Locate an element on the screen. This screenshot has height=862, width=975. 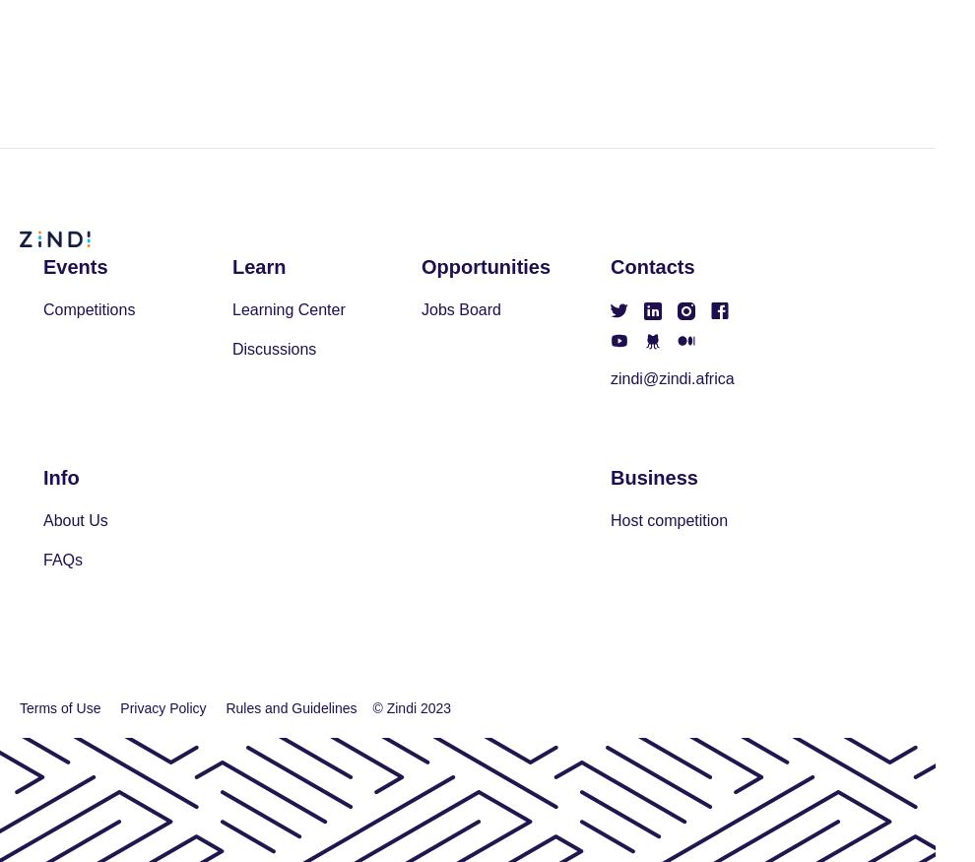
'Discussions' is located at coordinates (274, 349).